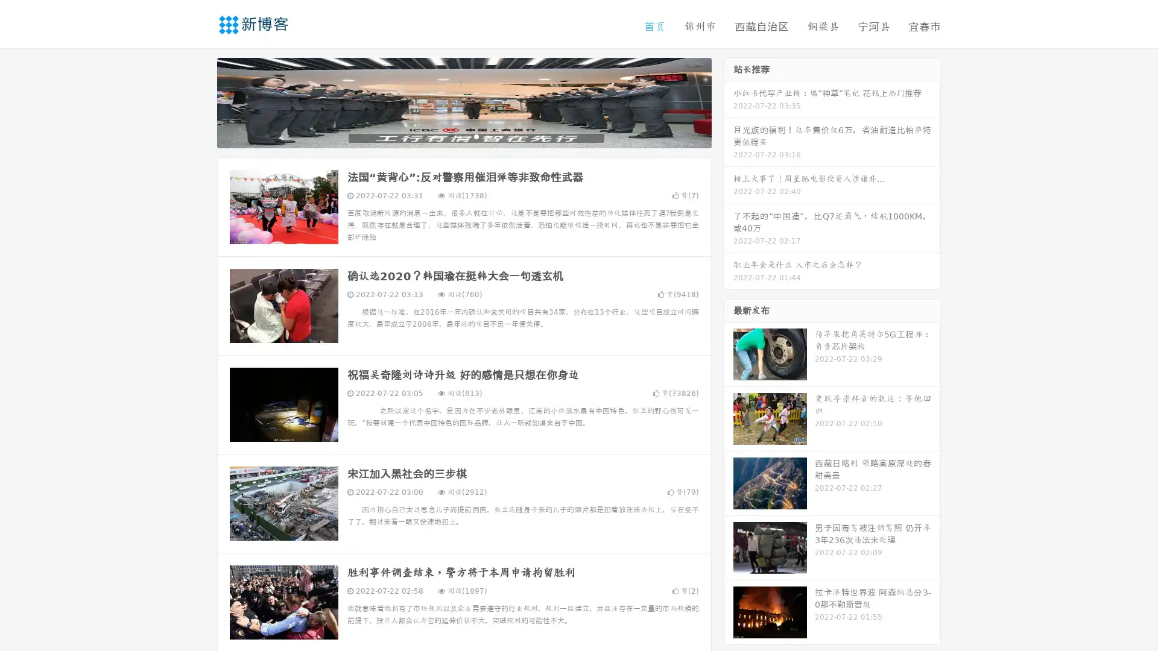 This screenshot has width=1158, height=651. Describe the element at coordinates (476, 136) in the screenshot. I see `Go to slide 3` at that location.